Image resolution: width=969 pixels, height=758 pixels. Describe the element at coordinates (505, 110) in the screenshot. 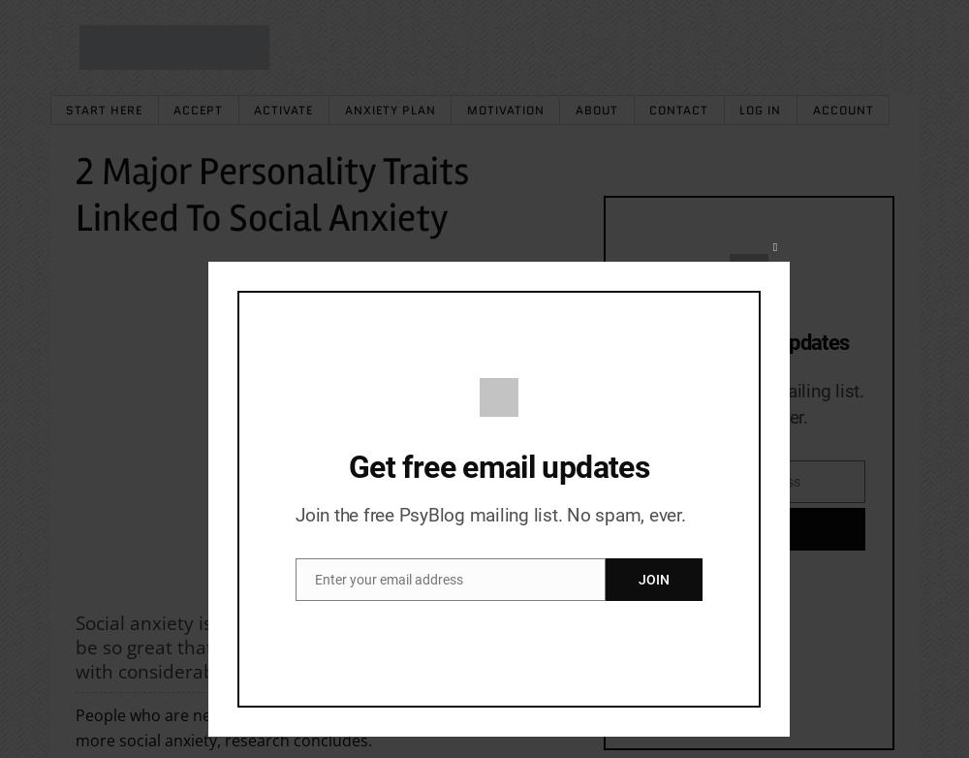

I see `'Motivation'` at that location.